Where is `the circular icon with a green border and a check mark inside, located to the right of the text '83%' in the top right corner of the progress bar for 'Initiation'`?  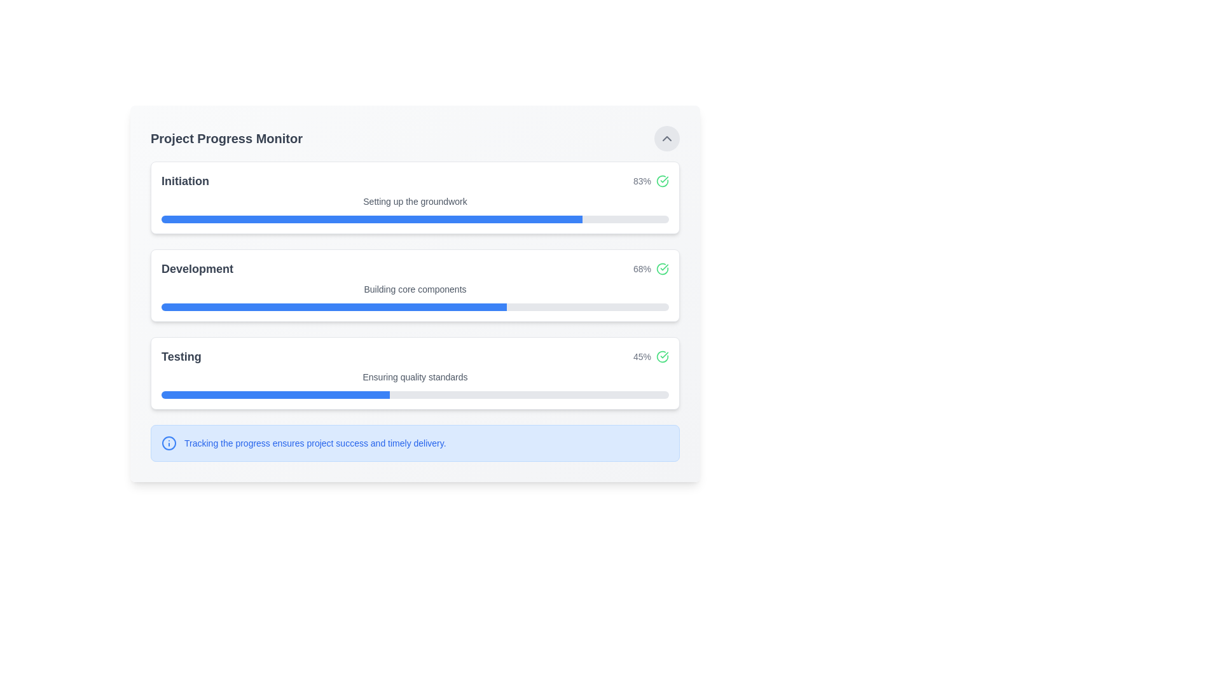 the circular icon with a green border and a check mark inside, located to the right of the text '83%' in the top right corner of the progress bar for 'Initiation' is located at coordinates (661, 181).